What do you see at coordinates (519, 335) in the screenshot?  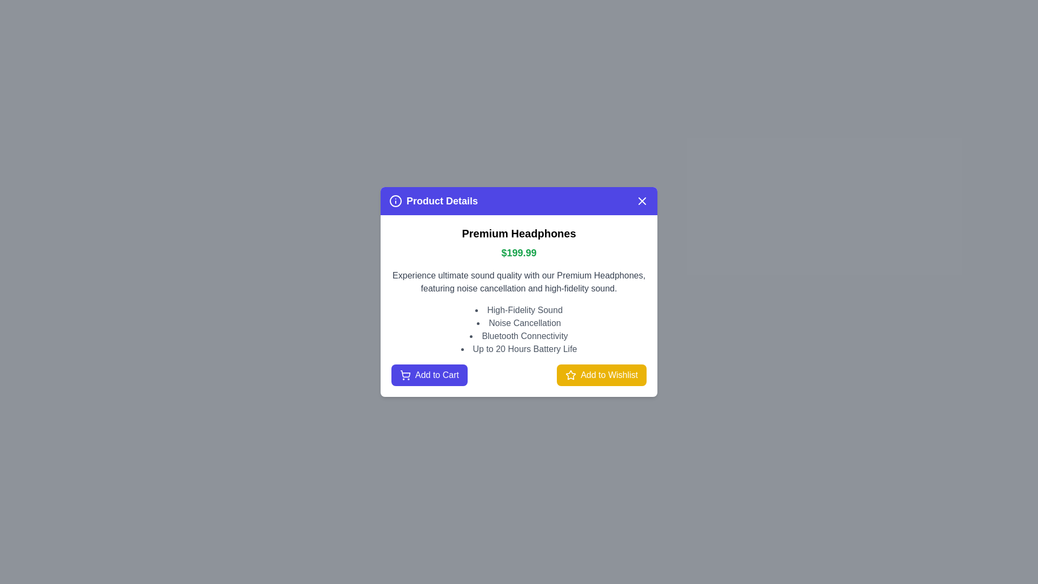 I see `the text element Feature 3 for copying or selection` at bounding box center [519, 335].